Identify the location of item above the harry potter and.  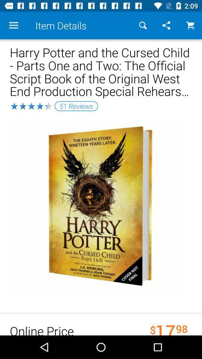
(143, 25).